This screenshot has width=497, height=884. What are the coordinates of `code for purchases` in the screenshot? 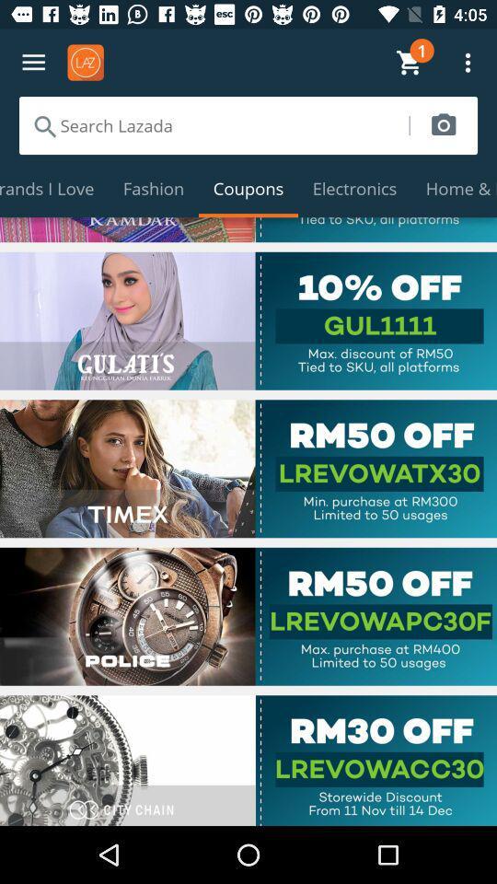 It's located at (248, 616).